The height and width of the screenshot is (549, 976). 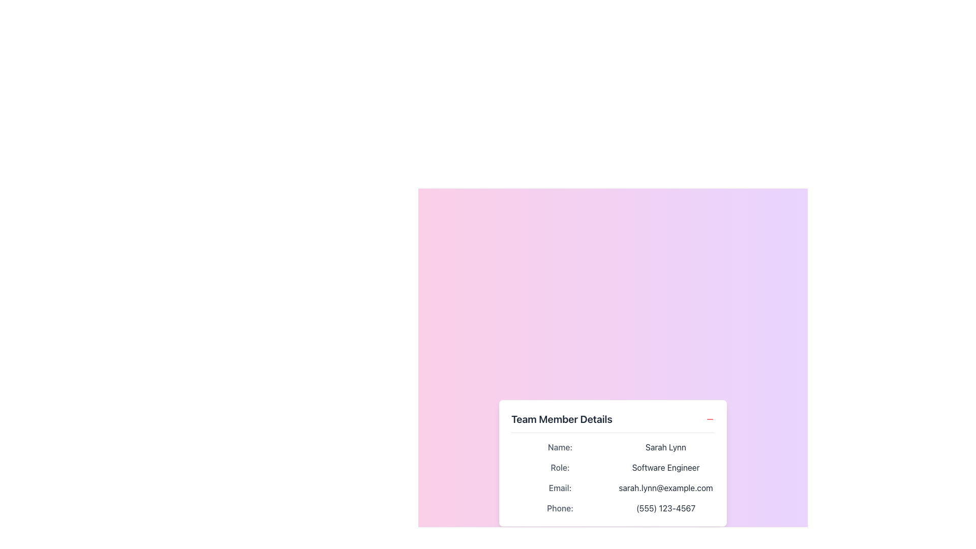 What do you see at coordinates (560, 508) in the screenshot?
I see `the fourth text label indicating the user's phone number in the profile details card, located in the left column of a two-column layout` at bounding box center [560, 508].